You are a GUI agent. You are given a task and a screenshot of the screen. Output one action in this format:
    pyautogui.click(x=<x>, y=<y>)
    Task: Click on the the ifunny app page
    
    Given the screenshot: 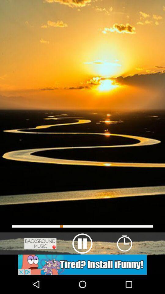 What is the action you would take?
    pyautogui.click(x=82, y=264)
    